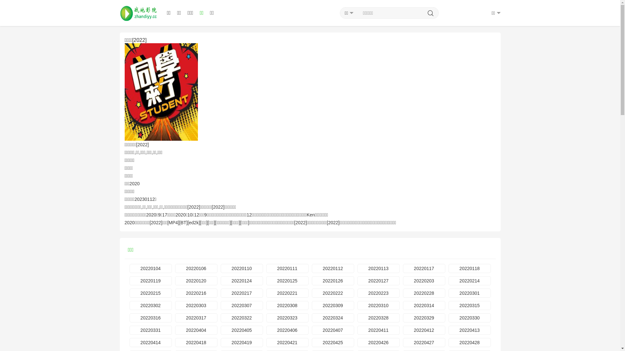 The height and width of the screenshot is (351, 625). Describe the element at coordinates (242, 280) in the screenshot. I see `'20220124'` at that location.